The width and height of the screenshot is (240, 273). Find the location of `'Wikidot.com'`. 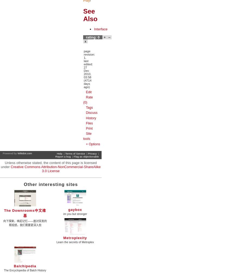

'Wikidot.com' is located at coordinates (17, 153).